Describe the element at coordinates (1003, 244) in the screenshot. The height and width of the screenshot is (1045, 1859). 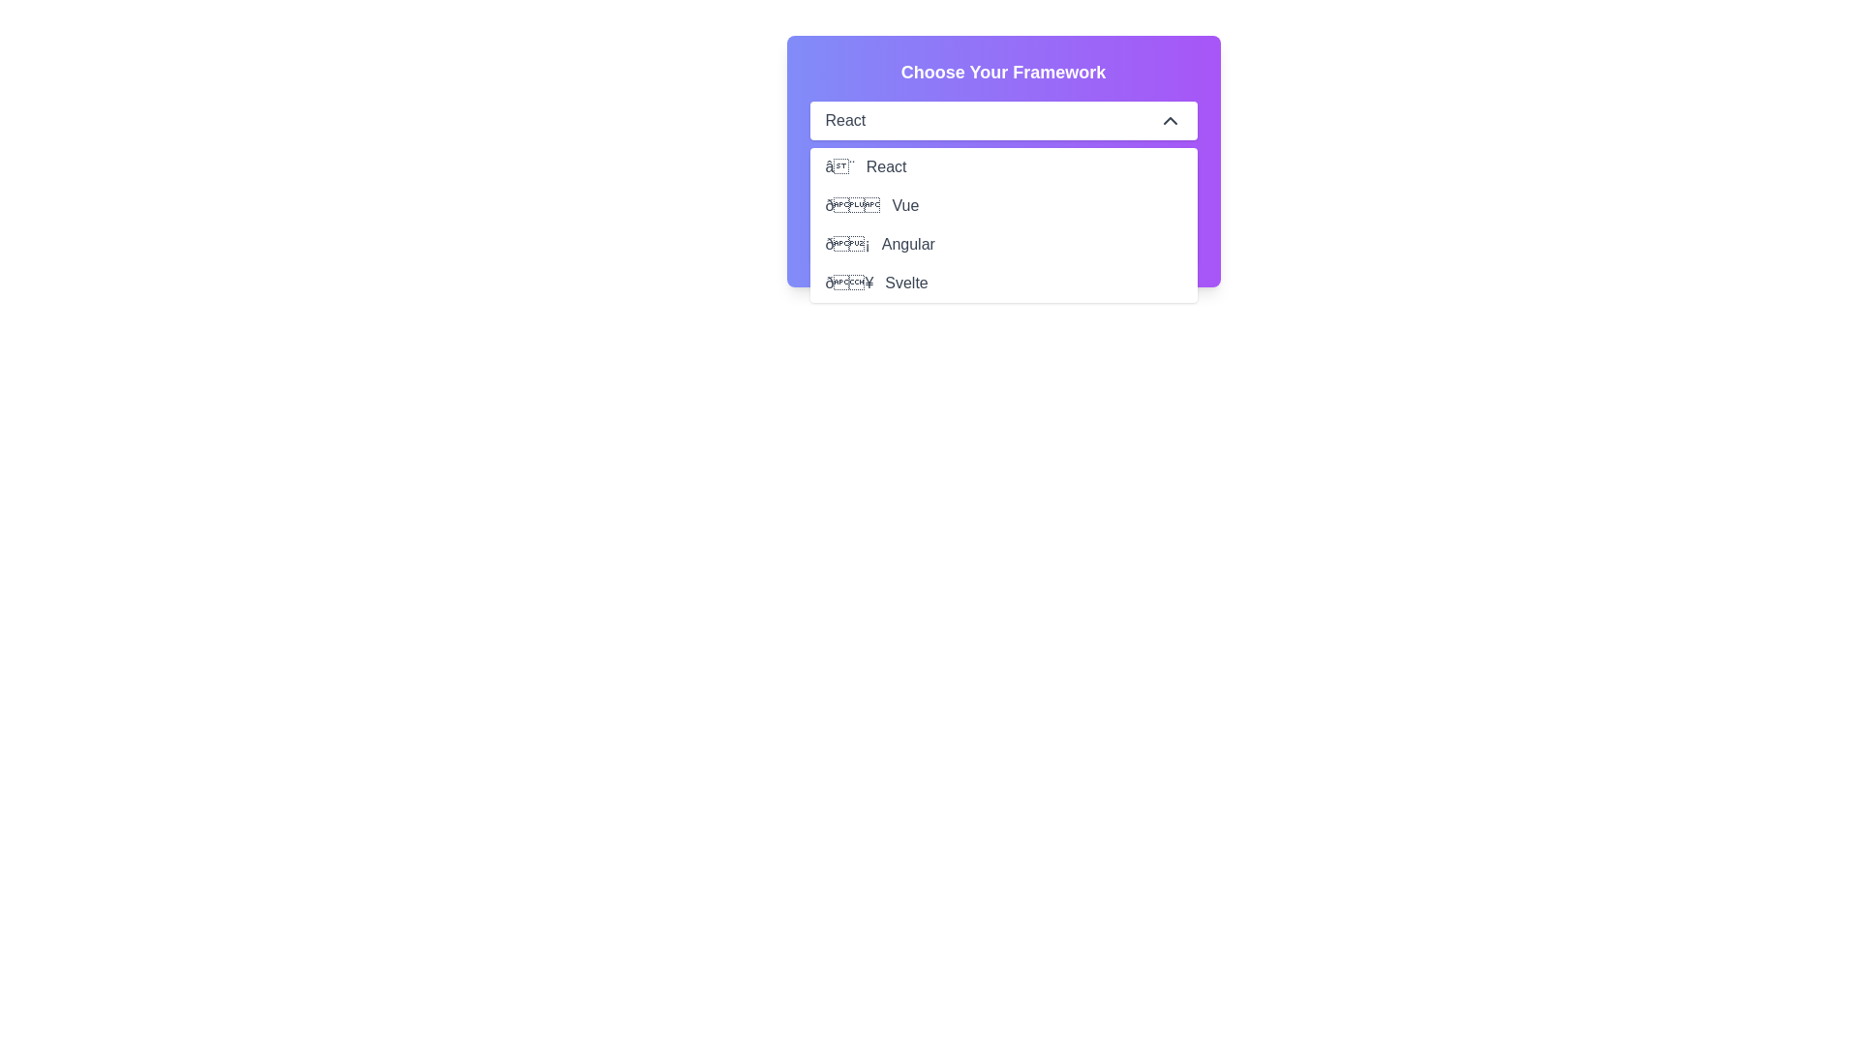
I see `the dropdown menu option labeled 'Angular', which is the third option under 'Choose Your Framework'` at that location.